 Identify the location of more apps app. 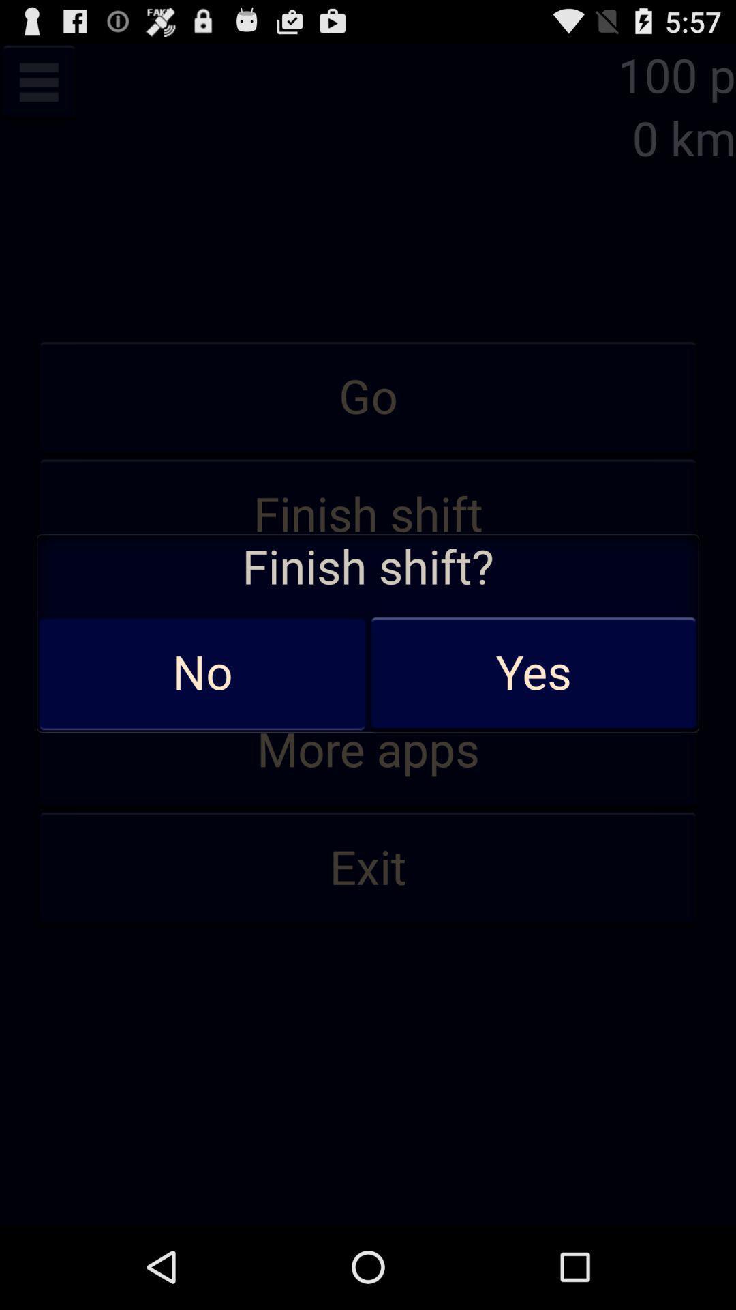
(368, 750).